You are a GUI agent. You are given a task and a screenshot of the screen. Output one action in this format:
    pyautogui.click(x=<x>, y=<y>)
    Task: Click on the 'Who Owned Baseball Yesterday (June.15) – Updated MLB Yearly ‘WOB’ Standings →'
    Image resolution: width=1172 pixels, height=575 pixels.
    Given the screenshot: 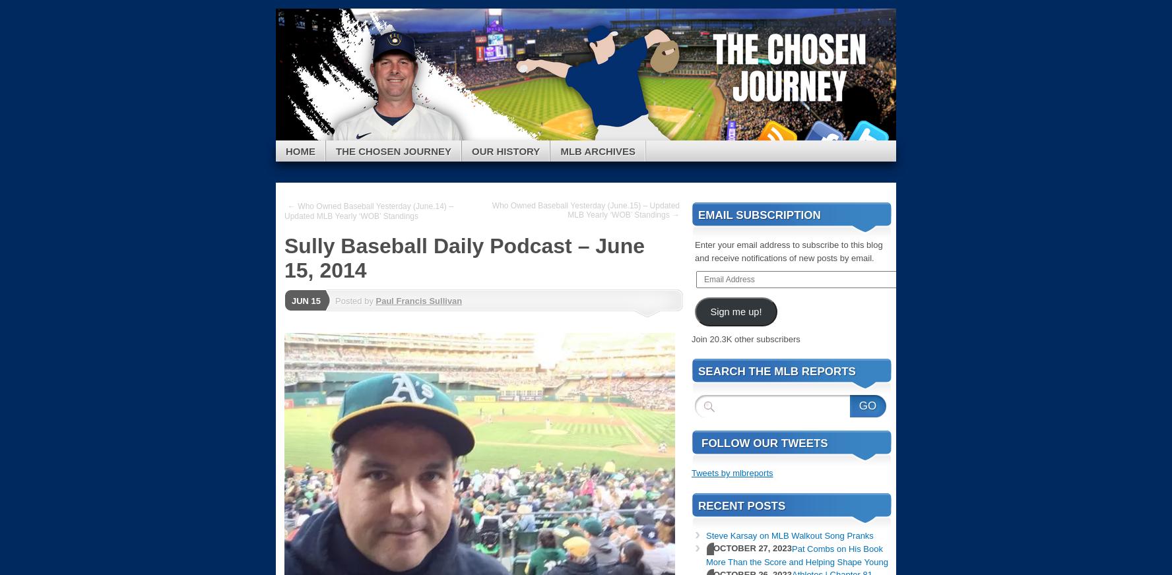 What is the action you would take?
    pyautogui.click(x=491, y=209)
    